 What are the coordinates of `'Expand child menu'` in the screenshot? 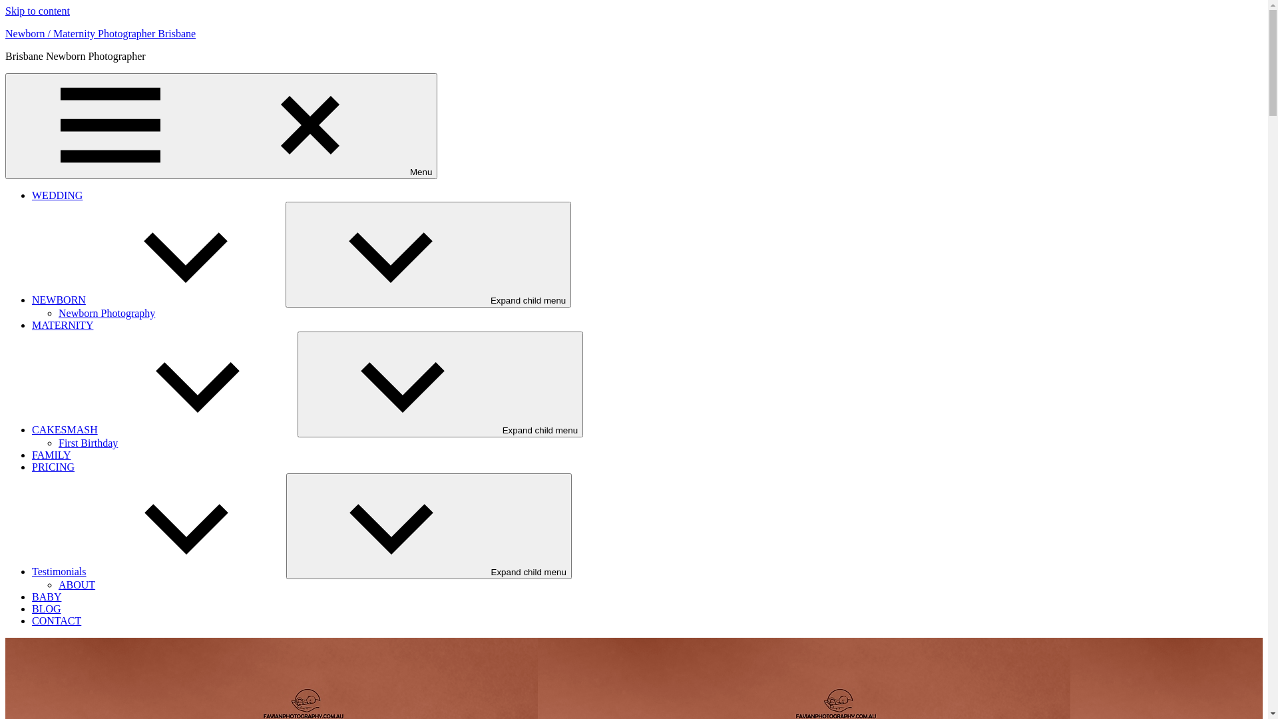 It's located at (429, 525).